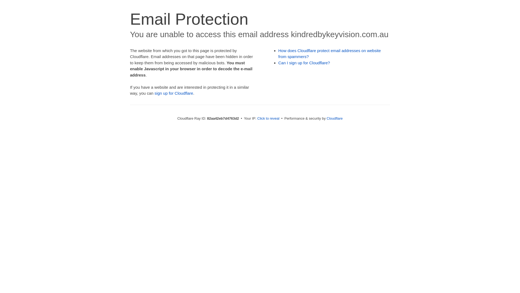 This screenshot has height=293, width=520. Describe the element at coordinates (174, 93) in the screenshot. I see `'sign up for Cloudflare'` at that location.